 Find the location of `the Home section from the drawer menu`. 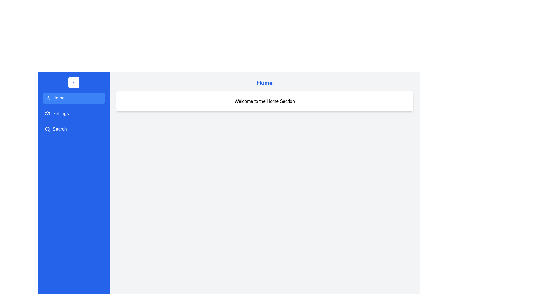

the Home section from the drawer menu is located at coordinates (73, 98).